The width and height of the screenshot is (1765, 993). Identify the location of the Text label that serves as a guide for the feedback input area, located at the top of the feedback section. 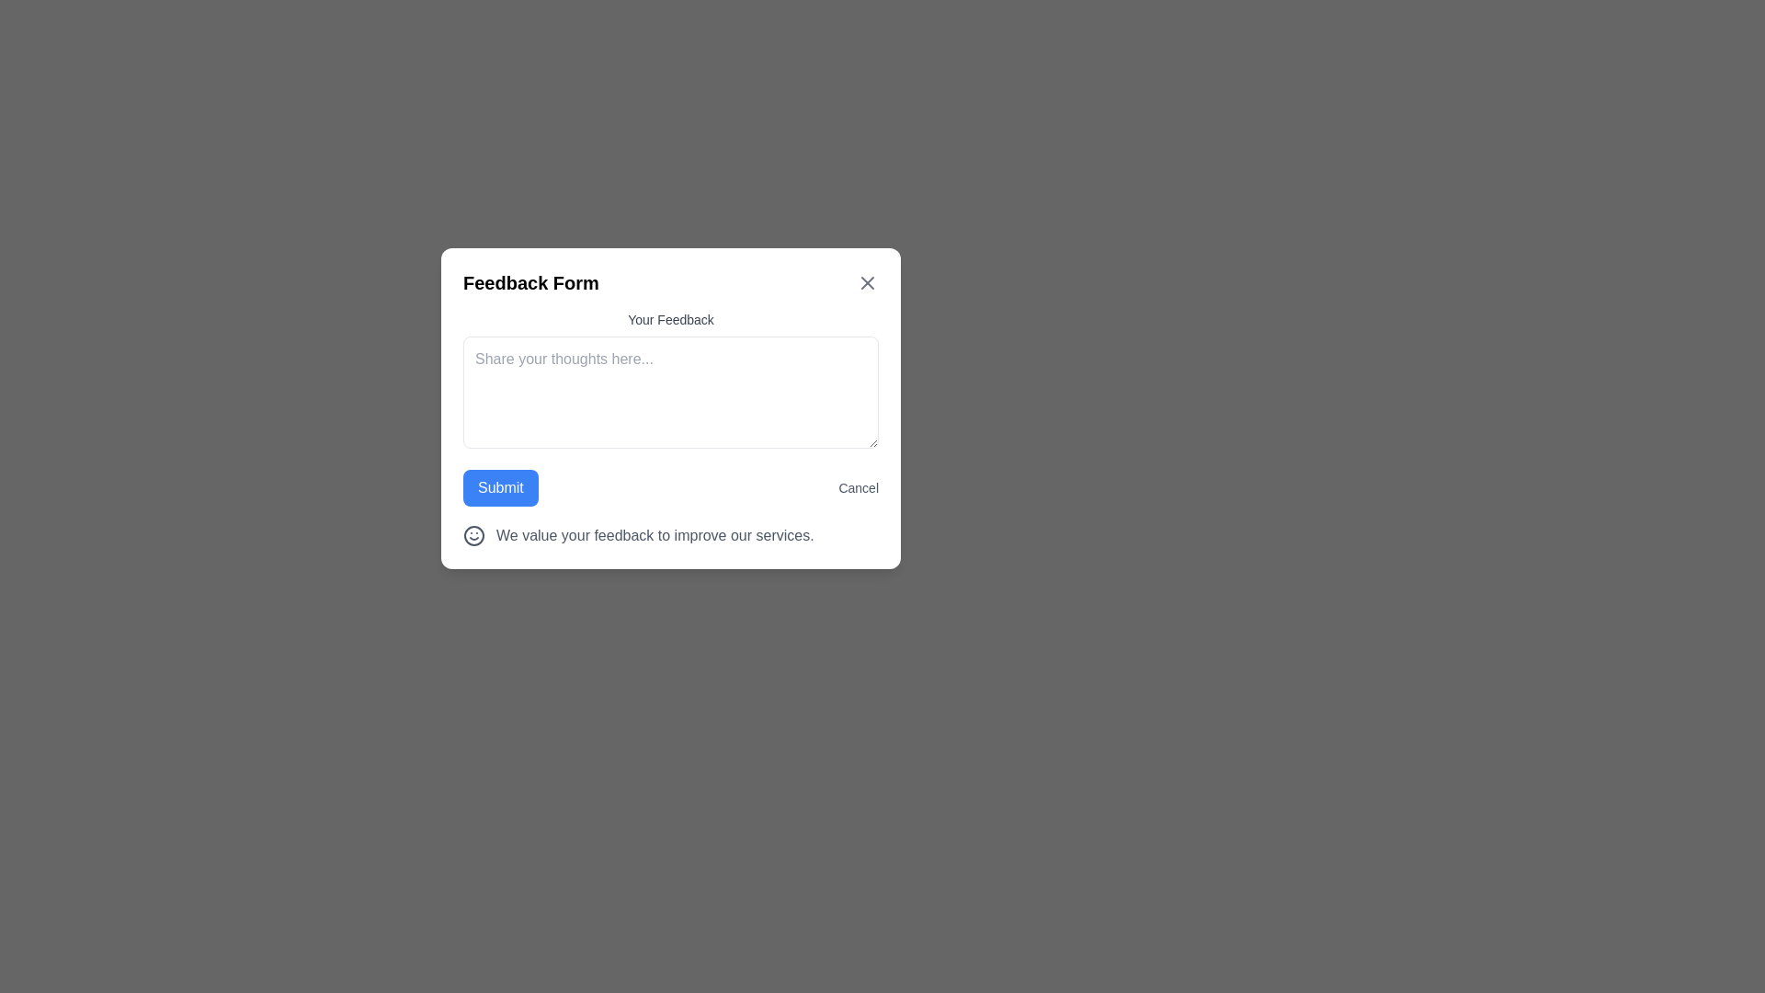
(669, 318).